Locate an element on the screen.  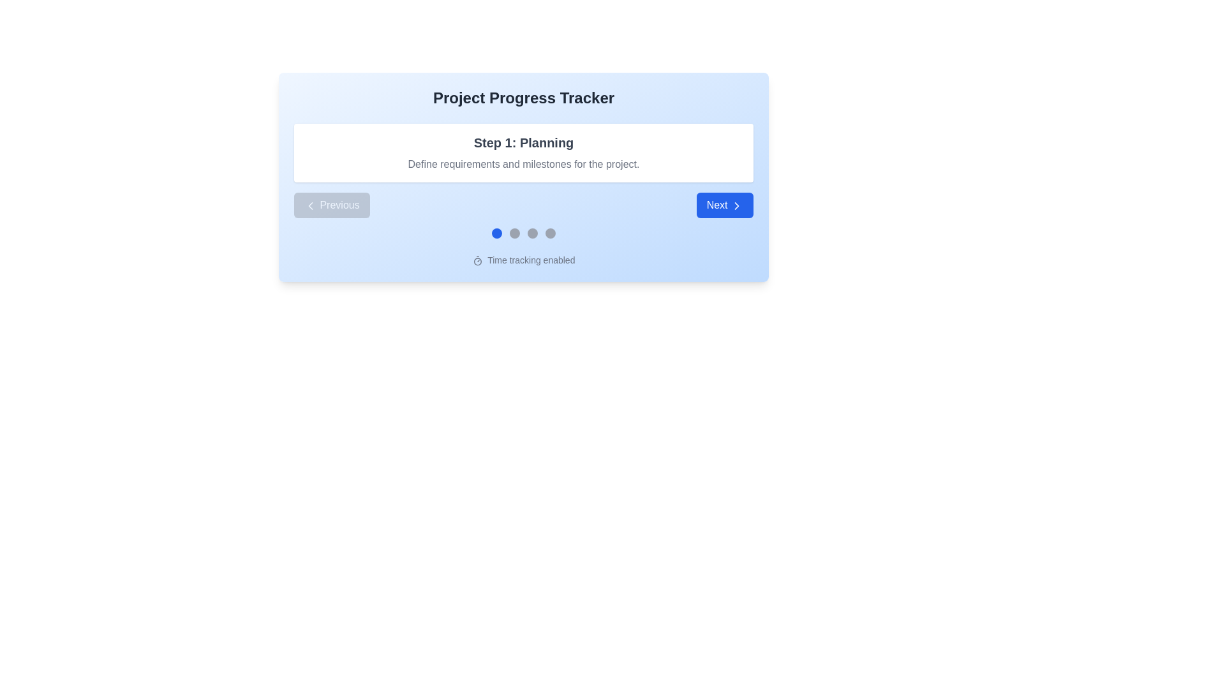
the blue 'Next' button with rounded corners that displays the text 'Next' in white to proceed is located at coordinates (725, 204).